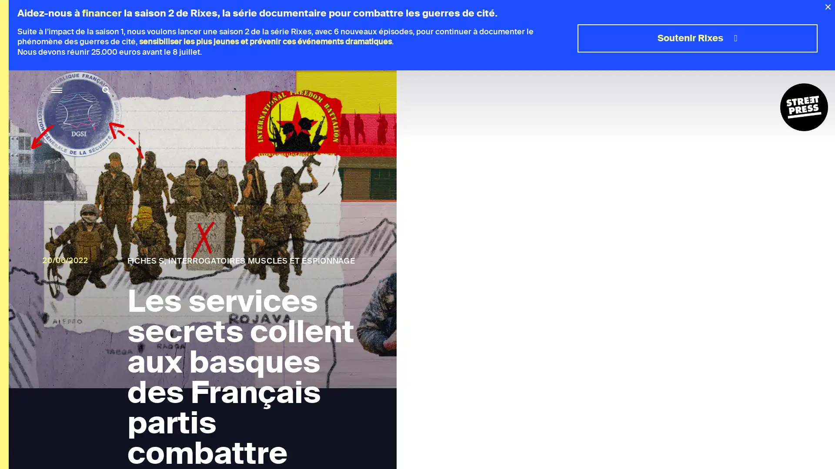 The width and height of the screenshot is (835, 469). Describe the element at coordinates (56, 90) in the screenshot. I see `menu` at that location.